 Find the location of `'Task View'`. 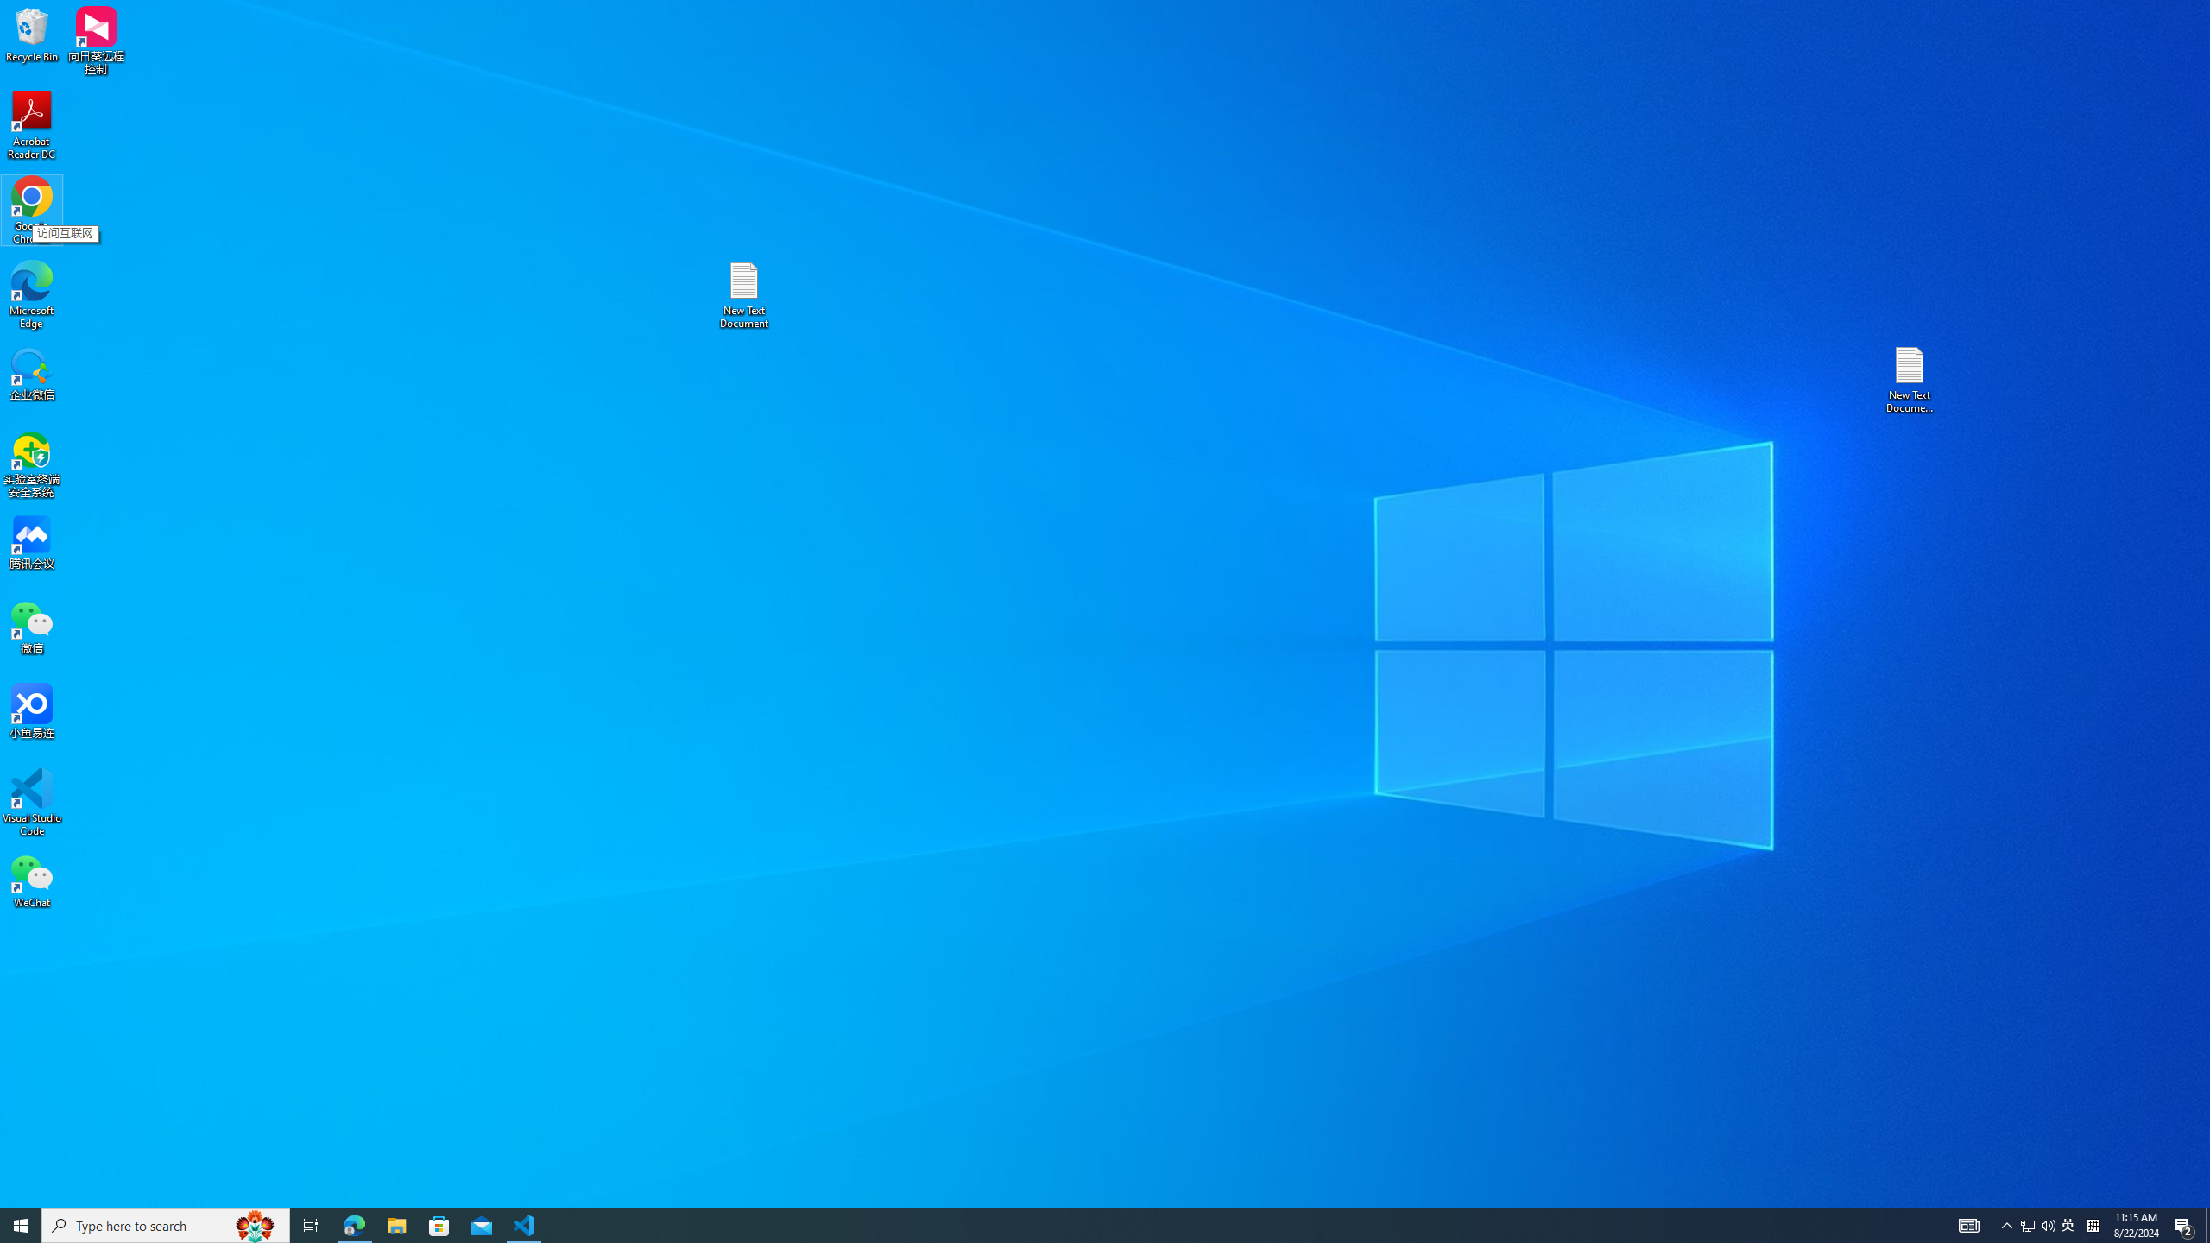

'Task View' is located at coordinates (309, 1224).